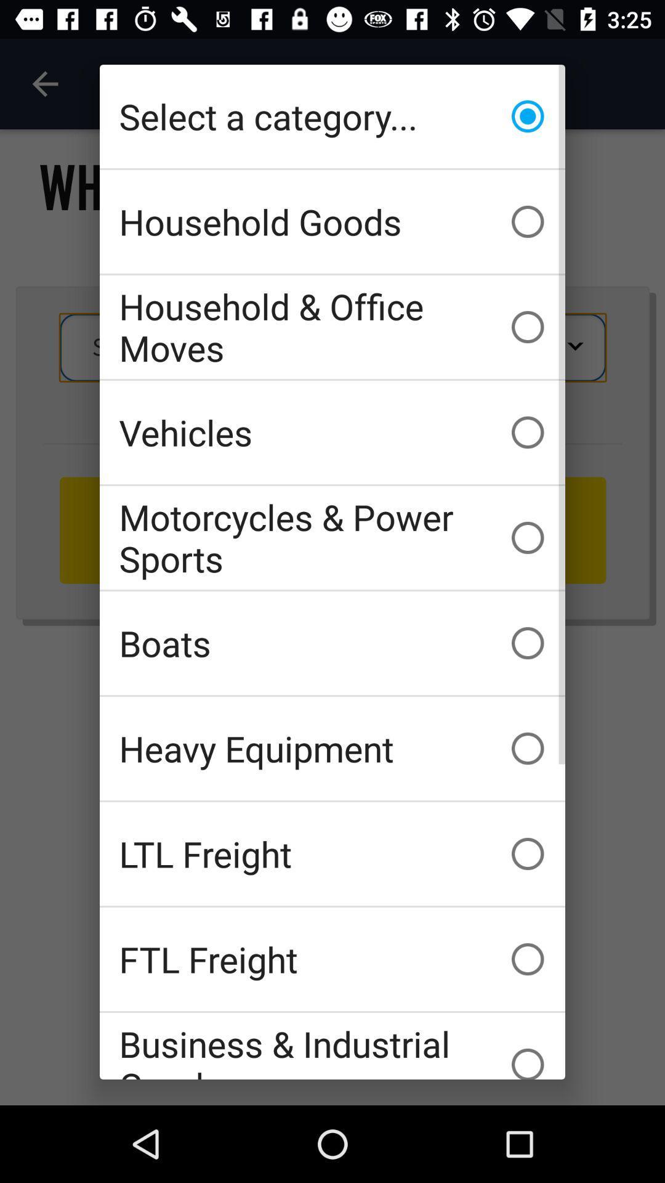 This screenshot has height=1183, width=665. Describe the element at coordinates (332, 958) in the screenshot. I see `icon below ltl freight icon` at that location.